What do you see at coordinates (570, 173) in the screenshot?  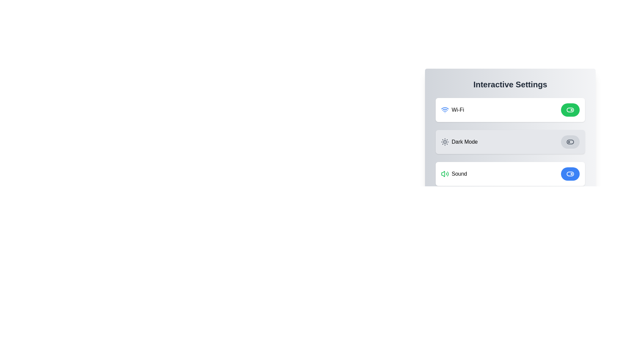 I see `the Toggle Button located in the bottom-right corner of the 'Sound' setting in the 'Interactive Settings' section` at bounding box center [570, 173].